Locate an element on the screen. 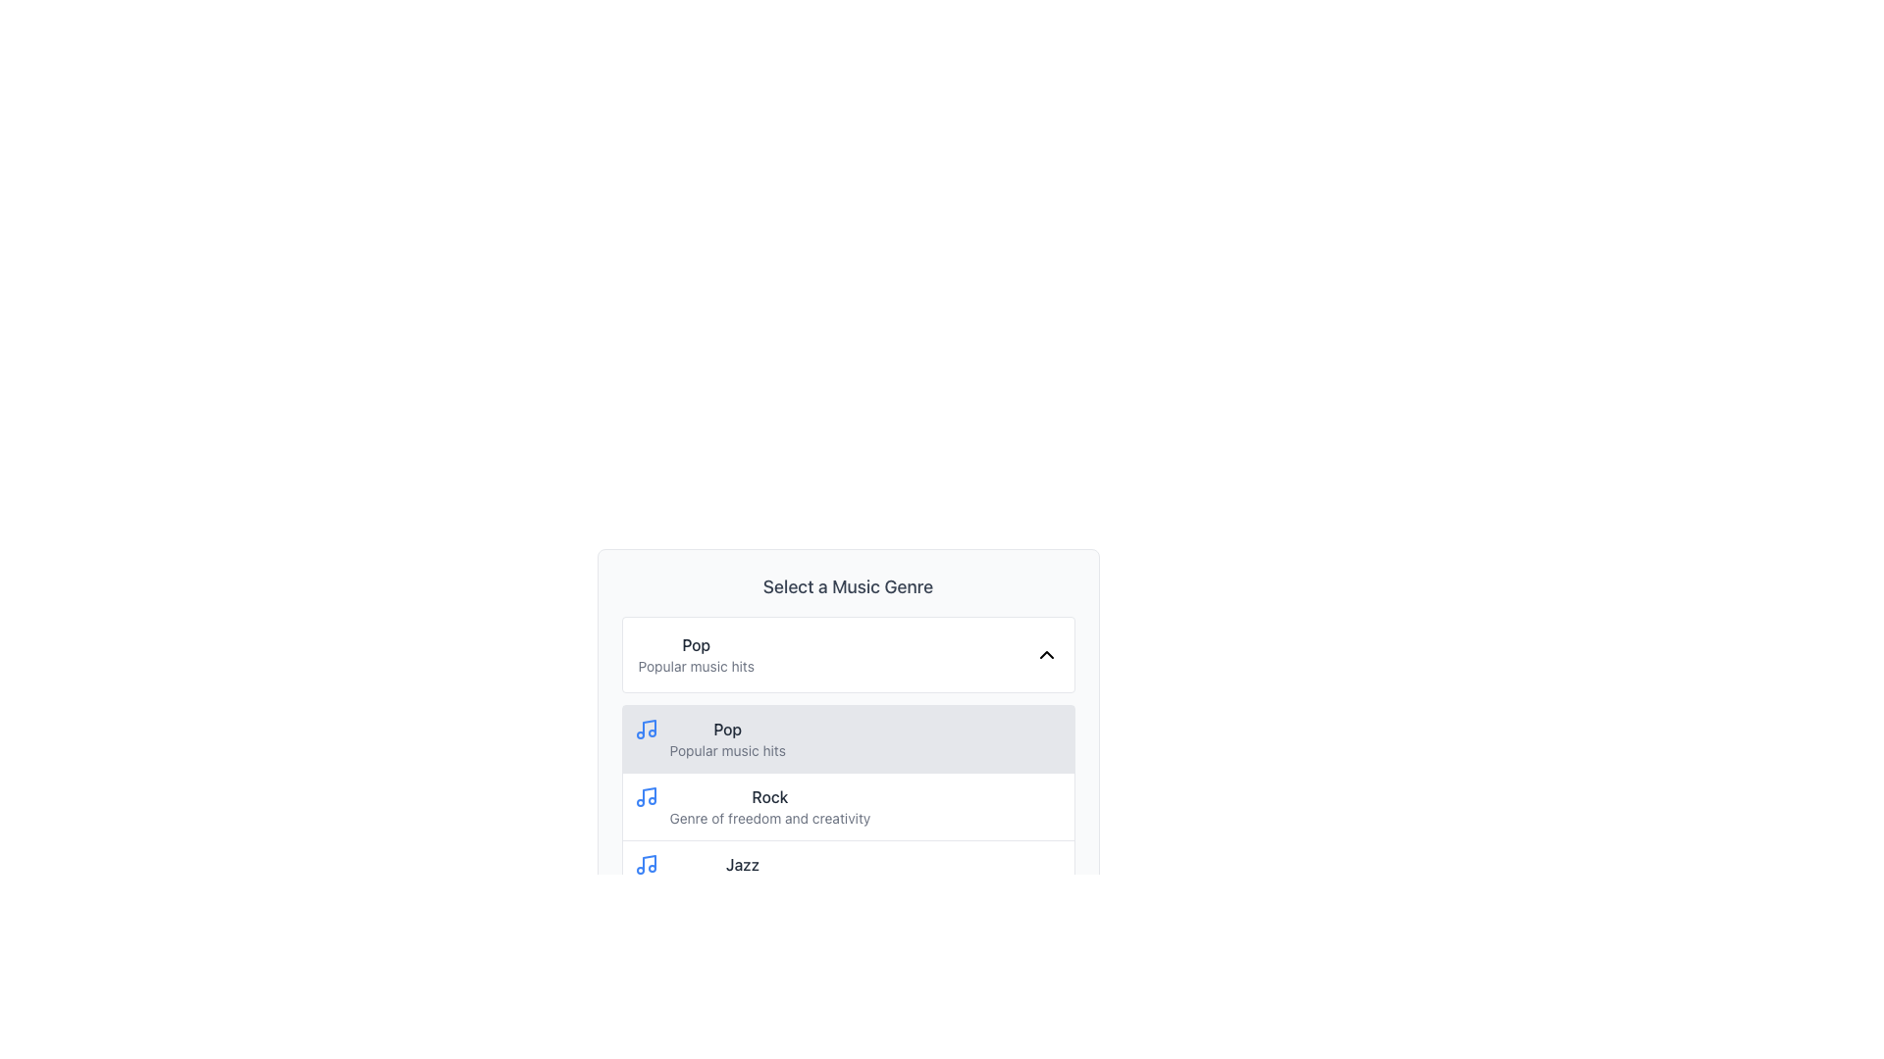 This screenshot has width=1884, height=1059. the first graphical icon in the music genre dropdown menu, which resembles a music note and is located to the left of the text label 'Pop' is located at coordinates (649, 728).